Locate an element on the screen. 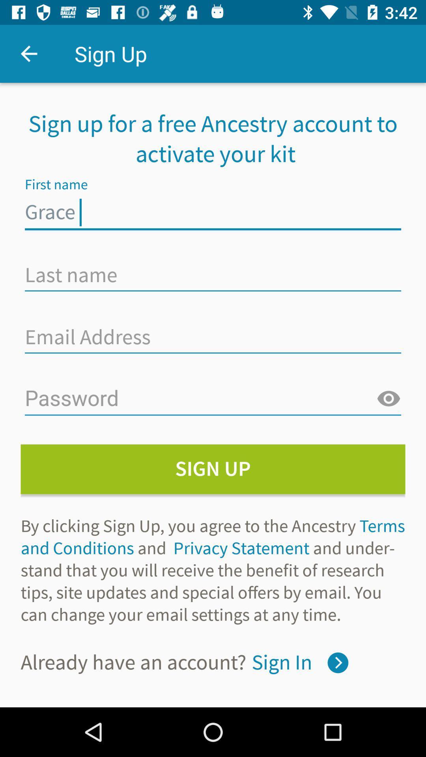  last name is located at coordinates (213, 275).